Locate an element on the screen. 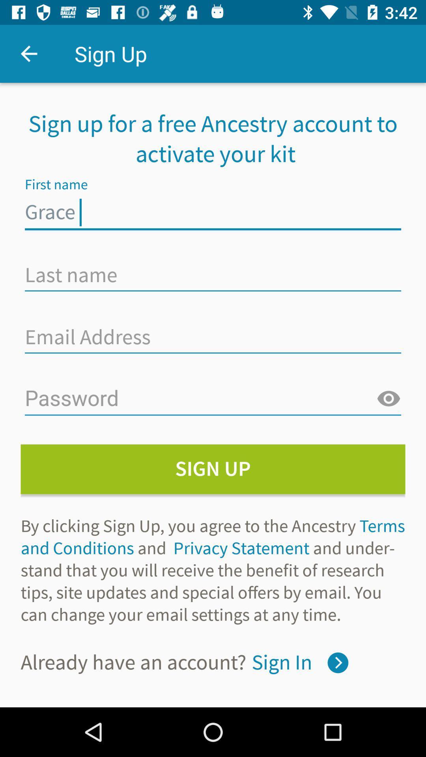  last name is located at coordinates (213, 275).